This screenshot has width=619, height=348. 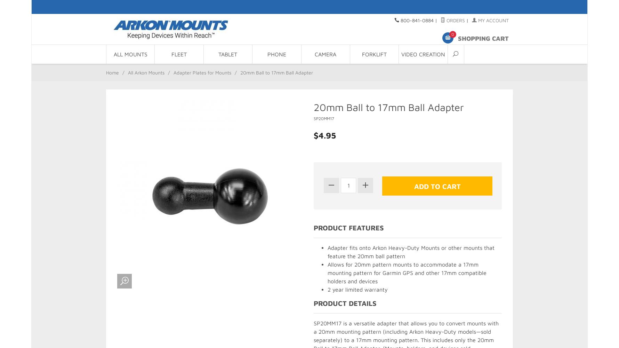 What do you see at coordinates (146, 72) in the screenshot?
I see `'All Arkon Mounts'` at bounding box center [146, 72].